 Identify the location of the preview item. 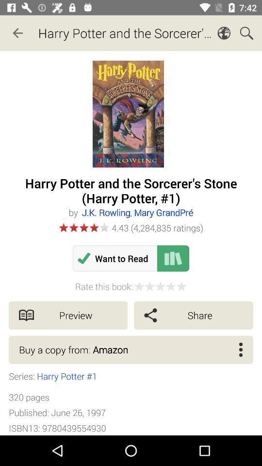
(67, 315).